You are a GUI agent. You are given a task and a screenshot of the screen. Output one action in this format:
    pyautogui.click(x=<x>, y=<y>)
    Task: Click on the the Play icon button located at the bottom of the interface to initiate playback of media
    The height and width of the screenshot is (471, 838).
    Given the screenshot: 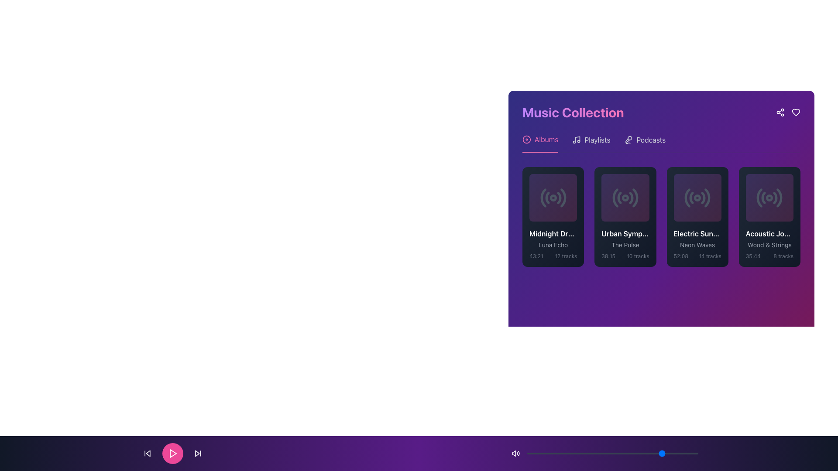 What is the action you would take?
    pyautogui.click(x=172, y=453)
    